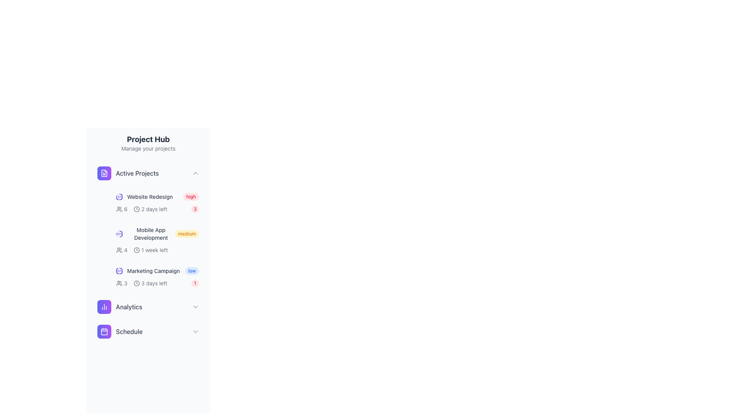 The width and height of the screenshot is (742, 417). What do you see at coordinates (104, 331) in the screenshot?
I see `the Icon button located in the bottom-right corner of the sidebar menu under the 'Schedule' label` at bounding box center [104, 331].